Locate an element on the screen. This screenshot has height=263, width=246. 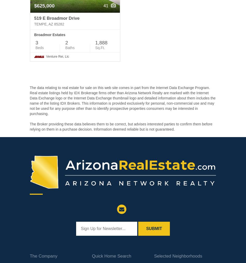
'3' is located at coordinates (37, 42).